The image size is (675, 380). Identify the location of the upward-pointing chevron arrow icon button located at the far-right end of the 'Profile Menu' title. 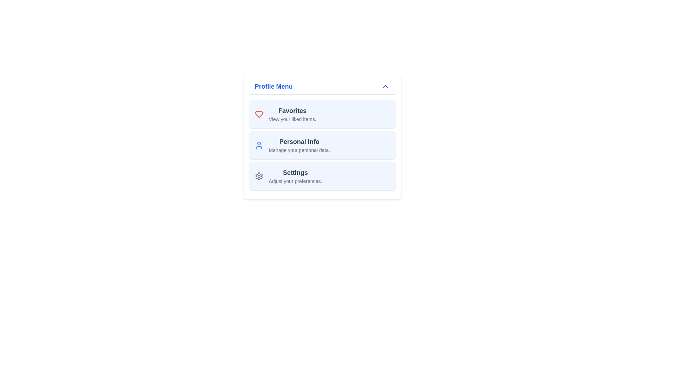
(385, 86).